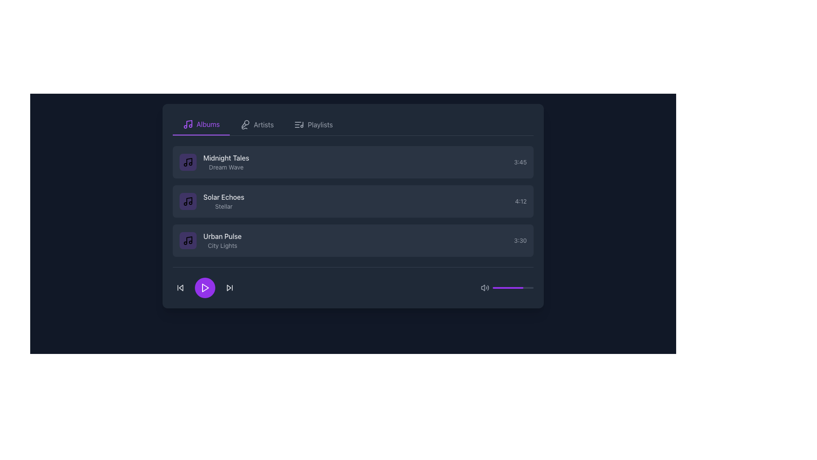 The width and height of the screenshot is (817, 460). What do you see at coordinates (485, 287) in the screenshot?
I see `the volume control icon located in the lower-right corner of the panel` at bounding box center [485, 287].